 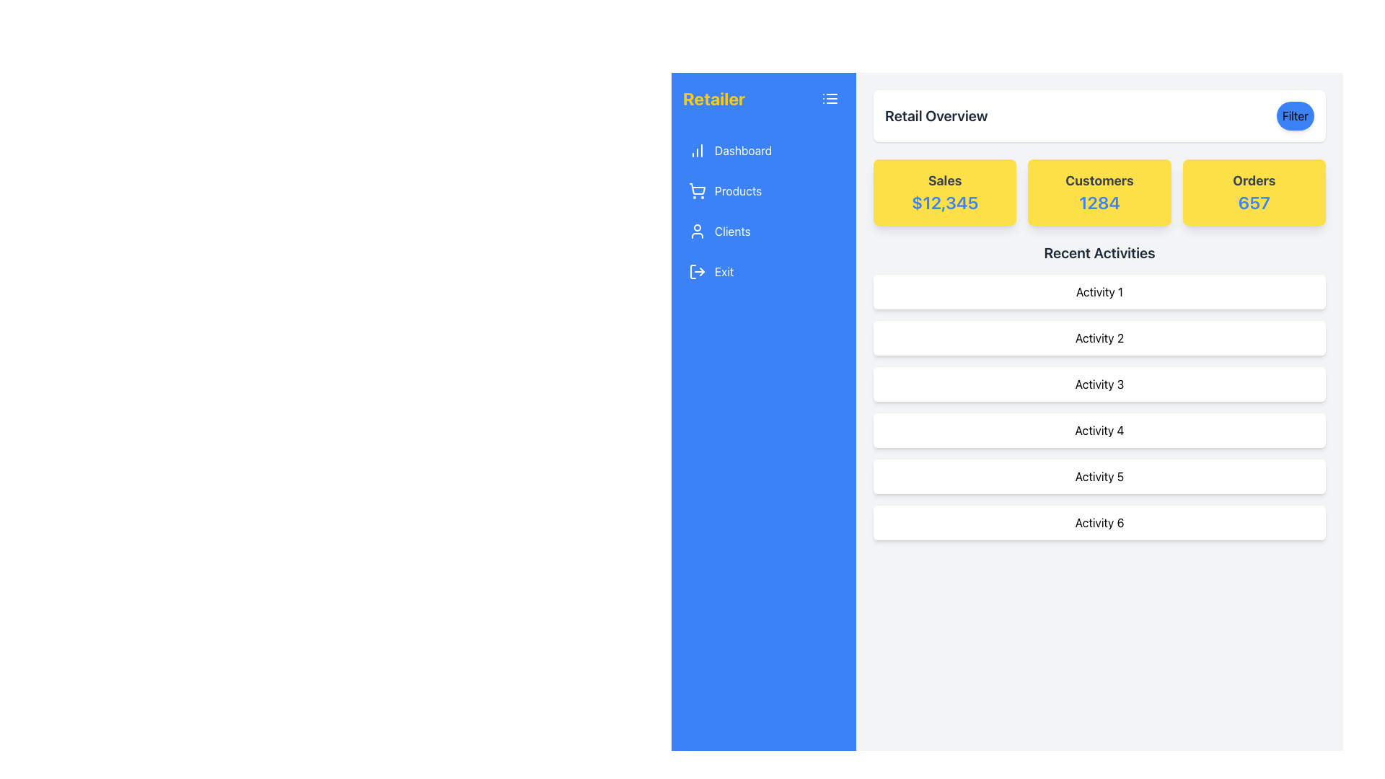 What do you see at coordinates (830, 98) in the screenshot?
I see `the menu toggle icon located near the top-right corner of the side navigation bar, to the right of the 'Retailer' label` at bounding box center [830, 98].